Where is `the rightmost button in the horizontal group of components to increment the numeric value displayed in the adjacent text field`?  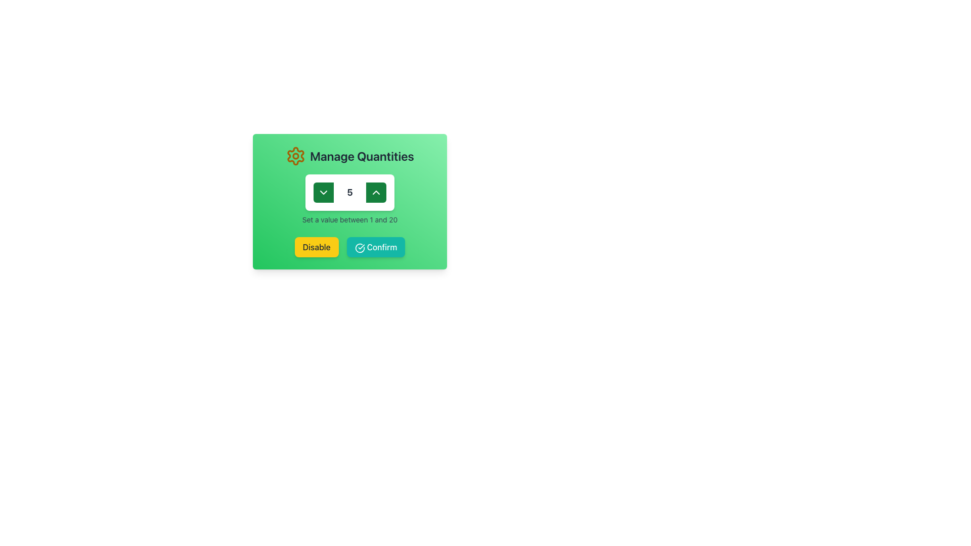 the rightmost button in the horizontal group of components to increment the numeric value displayed in the adjacent text field is located at coordinates (376, 193).